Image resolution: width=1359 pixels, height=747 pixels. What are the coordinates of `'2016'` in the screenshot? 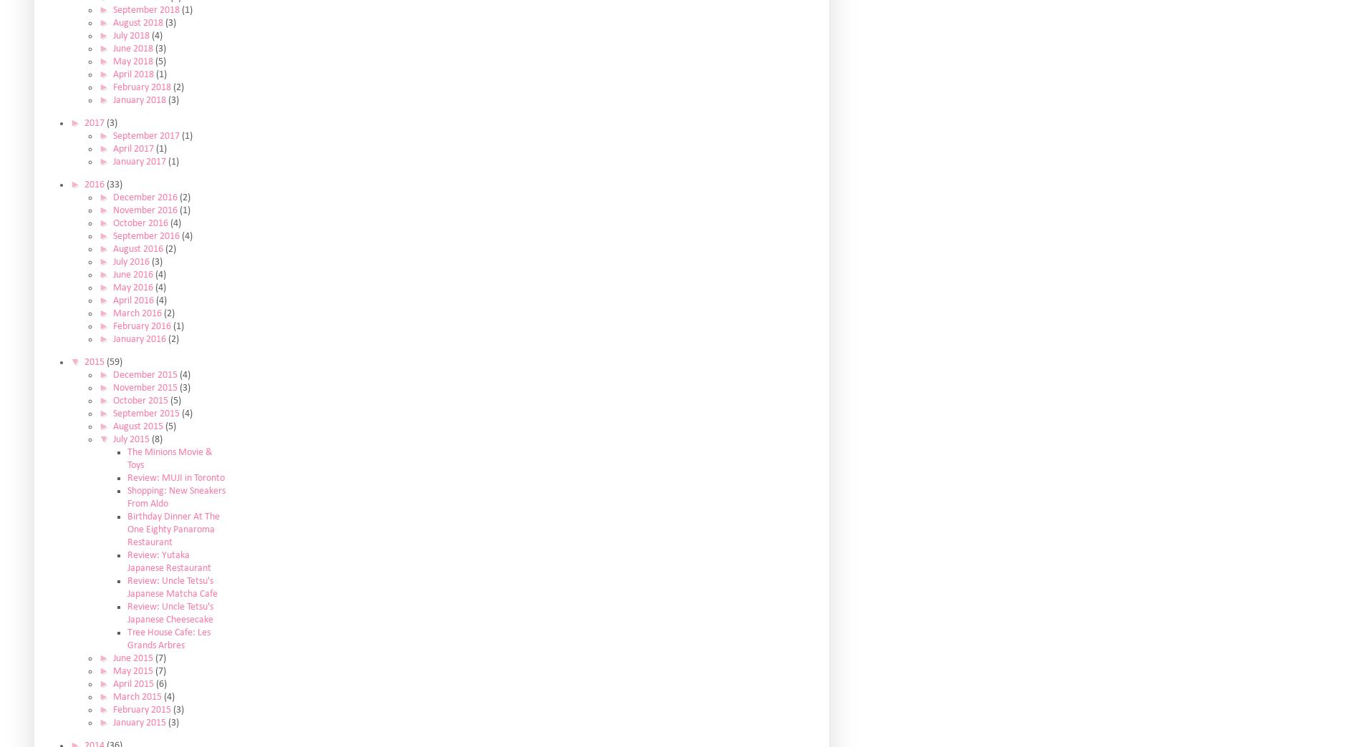 It's located at (95, 184).